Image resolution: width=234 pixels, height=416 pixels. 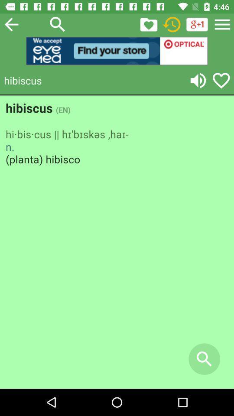 I want to click on the search icon, so click(x=58, y=24).